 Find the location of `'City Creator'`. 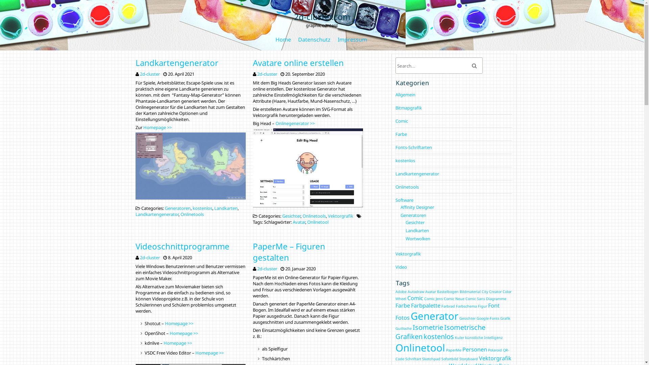

'City Creator' is located at coordinates (491, 291).